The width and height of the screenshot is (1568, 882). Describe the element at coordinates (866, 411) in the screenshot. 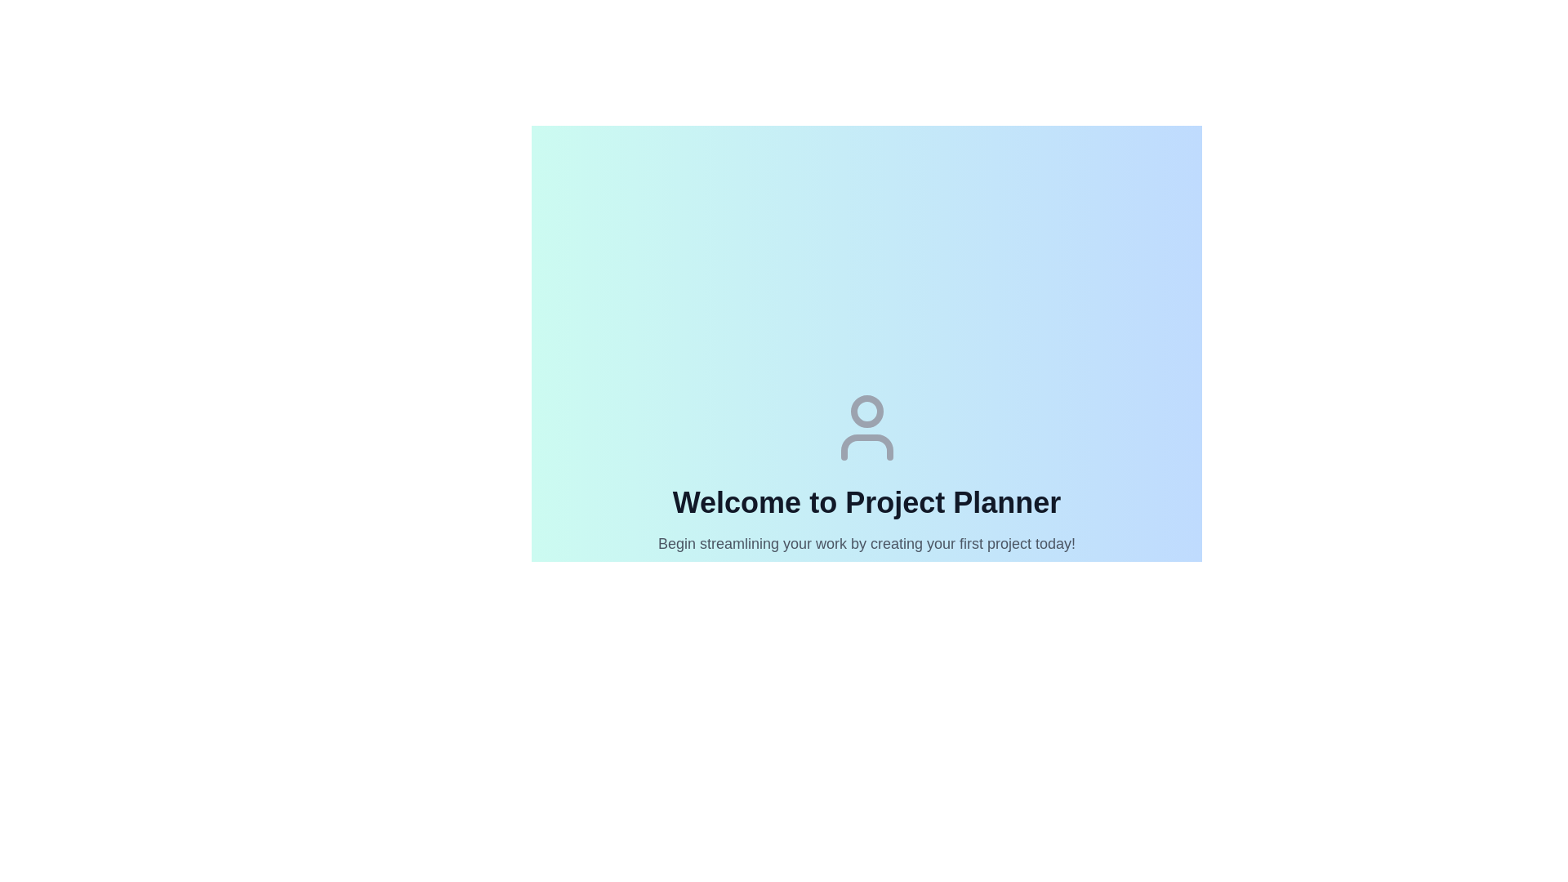

I see `the circular graphical feature, which represents the 'head' of the user silhouette within the user icon, by clicking on it` at that location.